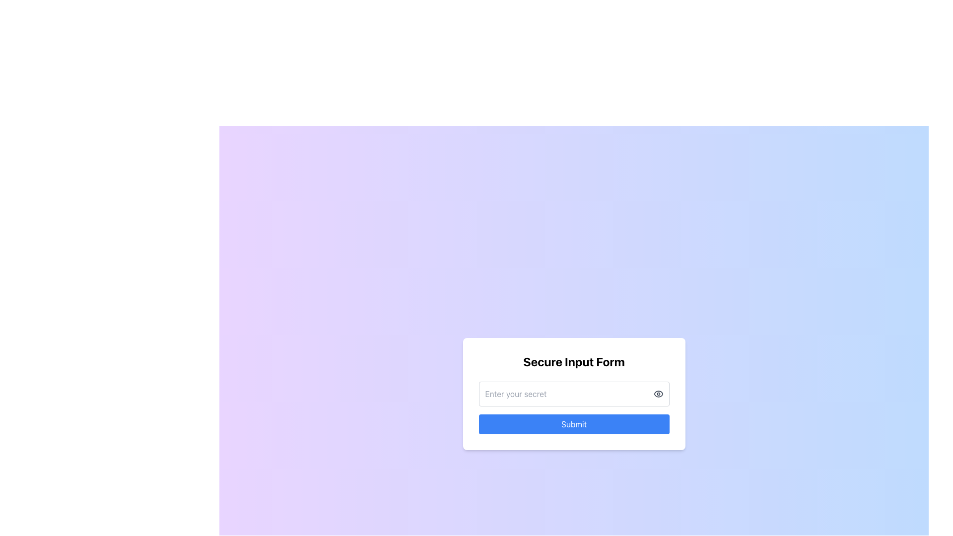  What do you see at coordinates (574, 424) in the screenshot?
I see `the submit button located at the bottom of the form` at bounding box center [574, 424].